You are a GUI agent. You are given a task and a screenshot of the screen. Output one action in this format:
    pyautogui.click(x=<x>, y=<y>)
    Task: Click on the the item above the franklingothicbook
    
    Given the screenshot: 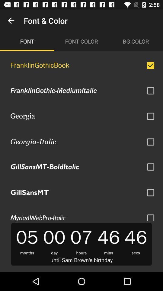 What is the action you would take?
    pyautogui.click(x=136, y=41)
    